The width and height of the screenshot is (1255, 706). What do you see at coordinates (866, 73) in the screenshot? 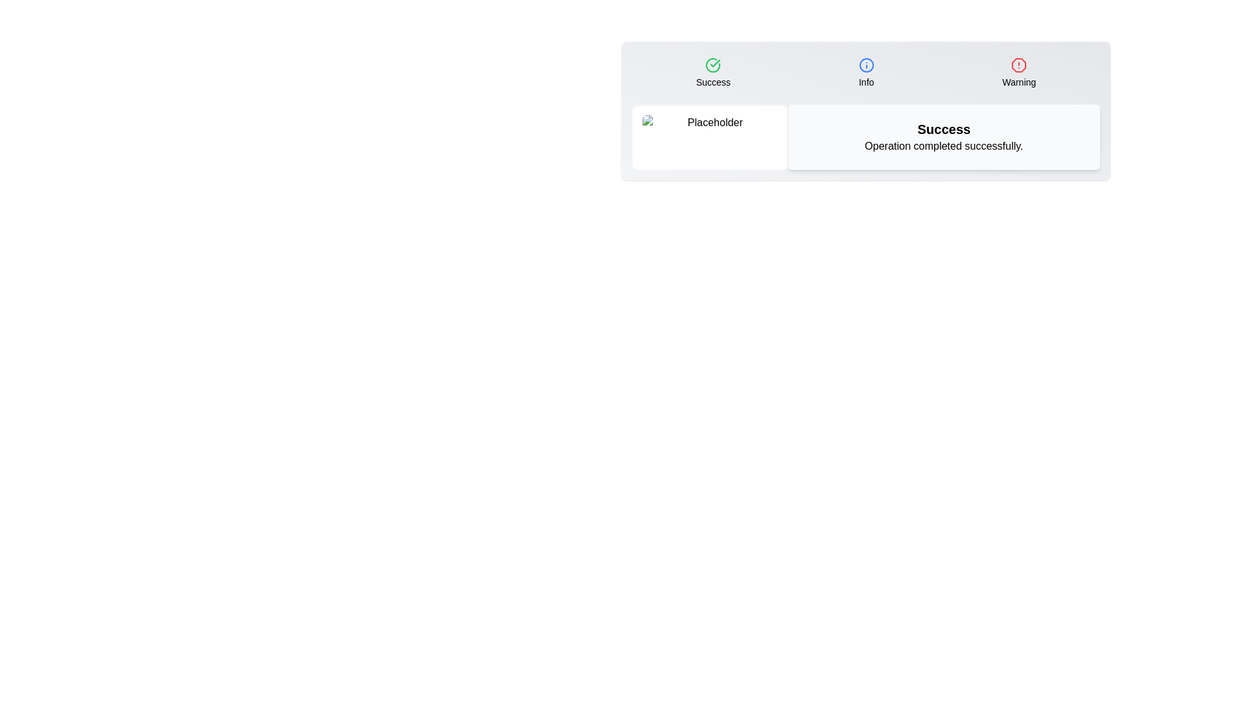
I see `the tab labeled Info` at bounding box center [866, 73].